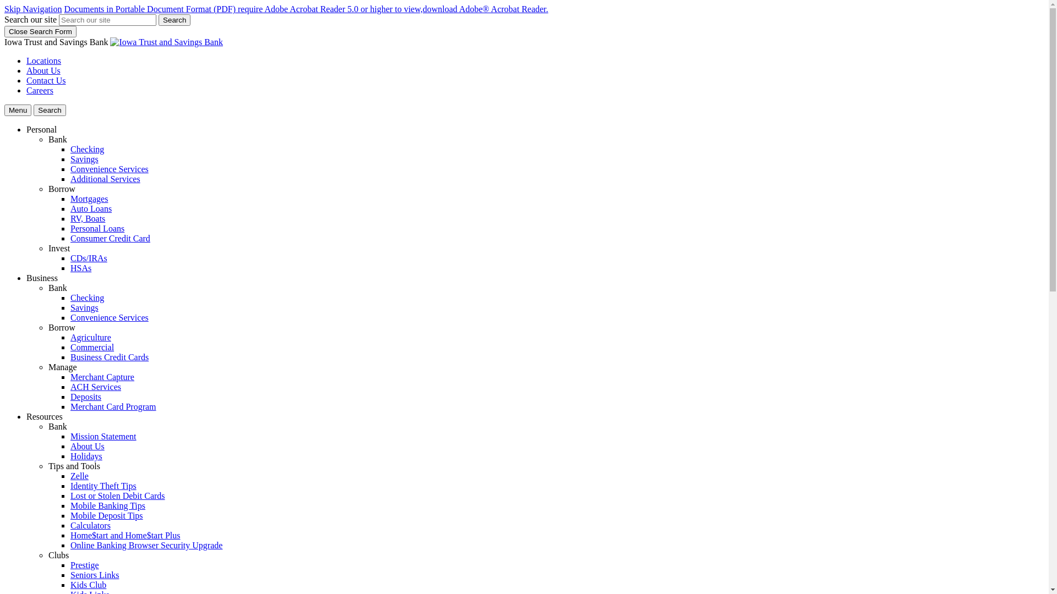 This screenshot has width=1057, height=594. What do you see at coordinates (43, 61) in the screenshot?
I see `'Locations'` at bounding box center [43, 61].